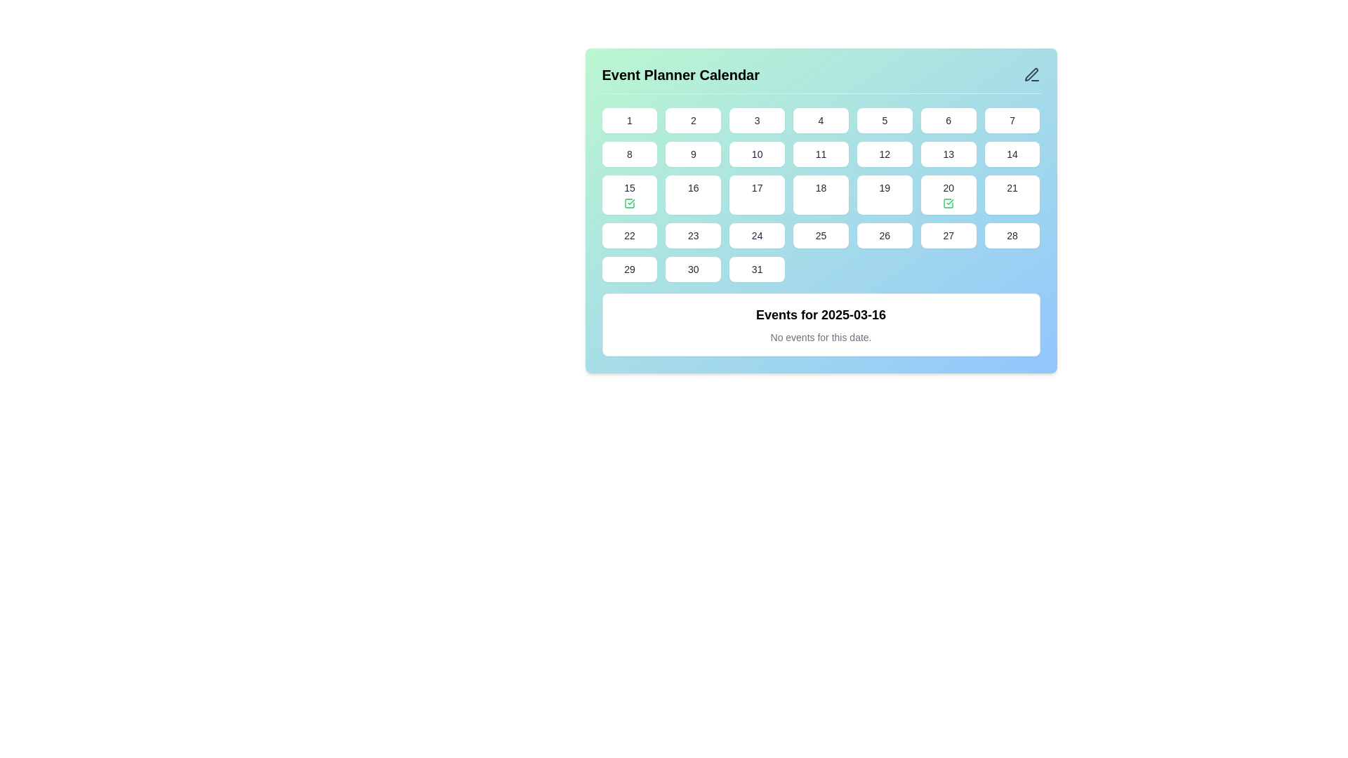 The image size is (1348, 758). What do you see at coordinates (680, 75) in the screenshot?
I see `text label displaying 'Event Planner Calendar' which is bold and positioned at the top of the interface` at bounding box center [680, 75].